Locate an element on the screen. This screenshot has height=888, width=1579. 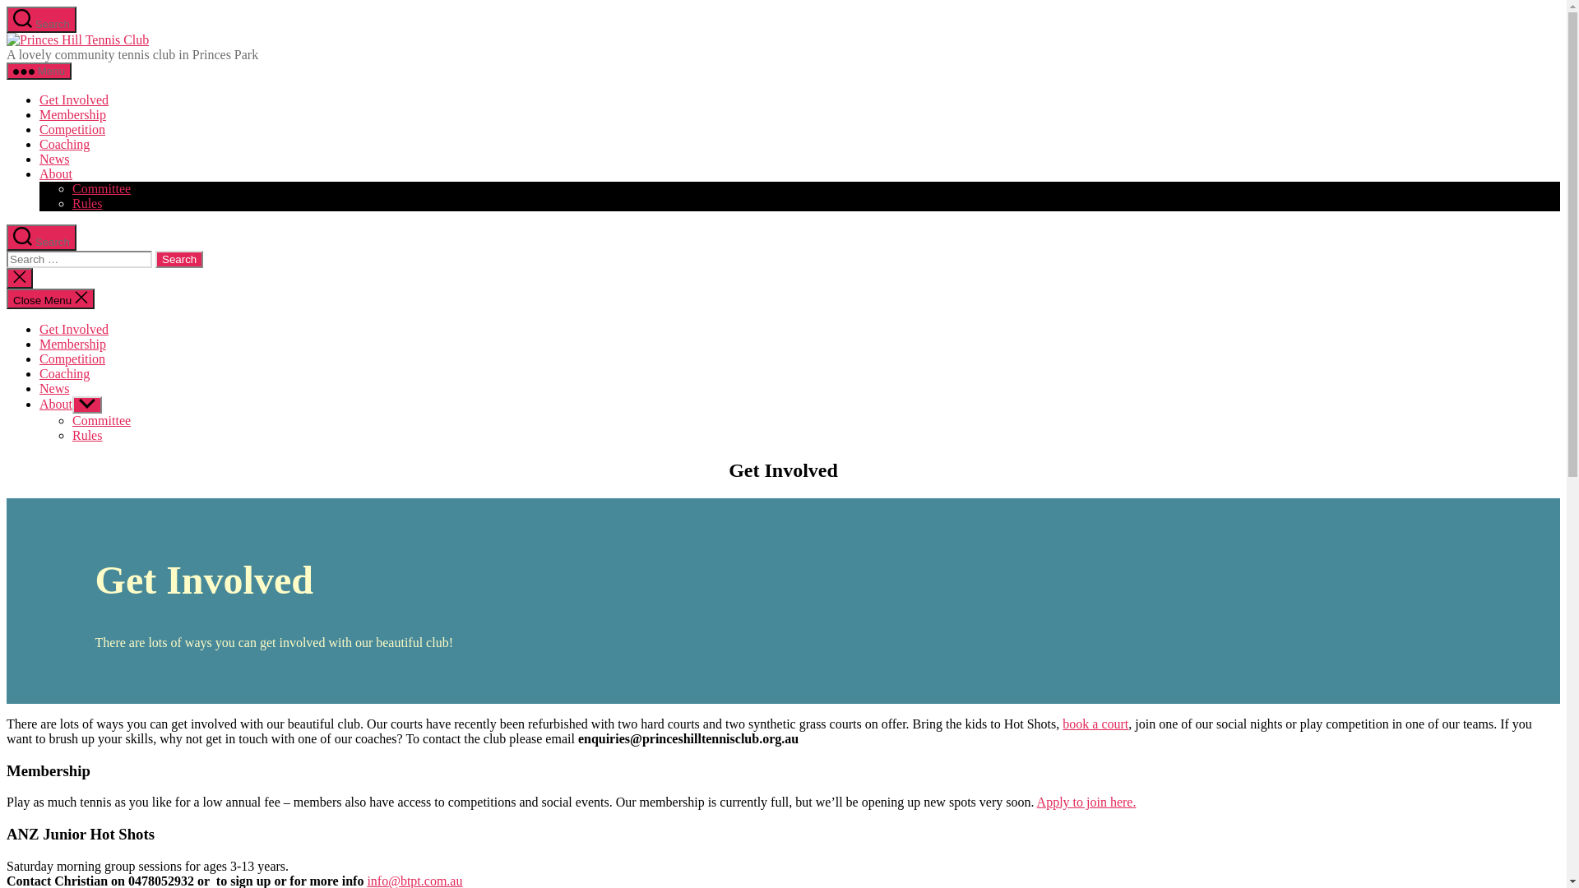
'Search' is located at coordinates (178, 259).